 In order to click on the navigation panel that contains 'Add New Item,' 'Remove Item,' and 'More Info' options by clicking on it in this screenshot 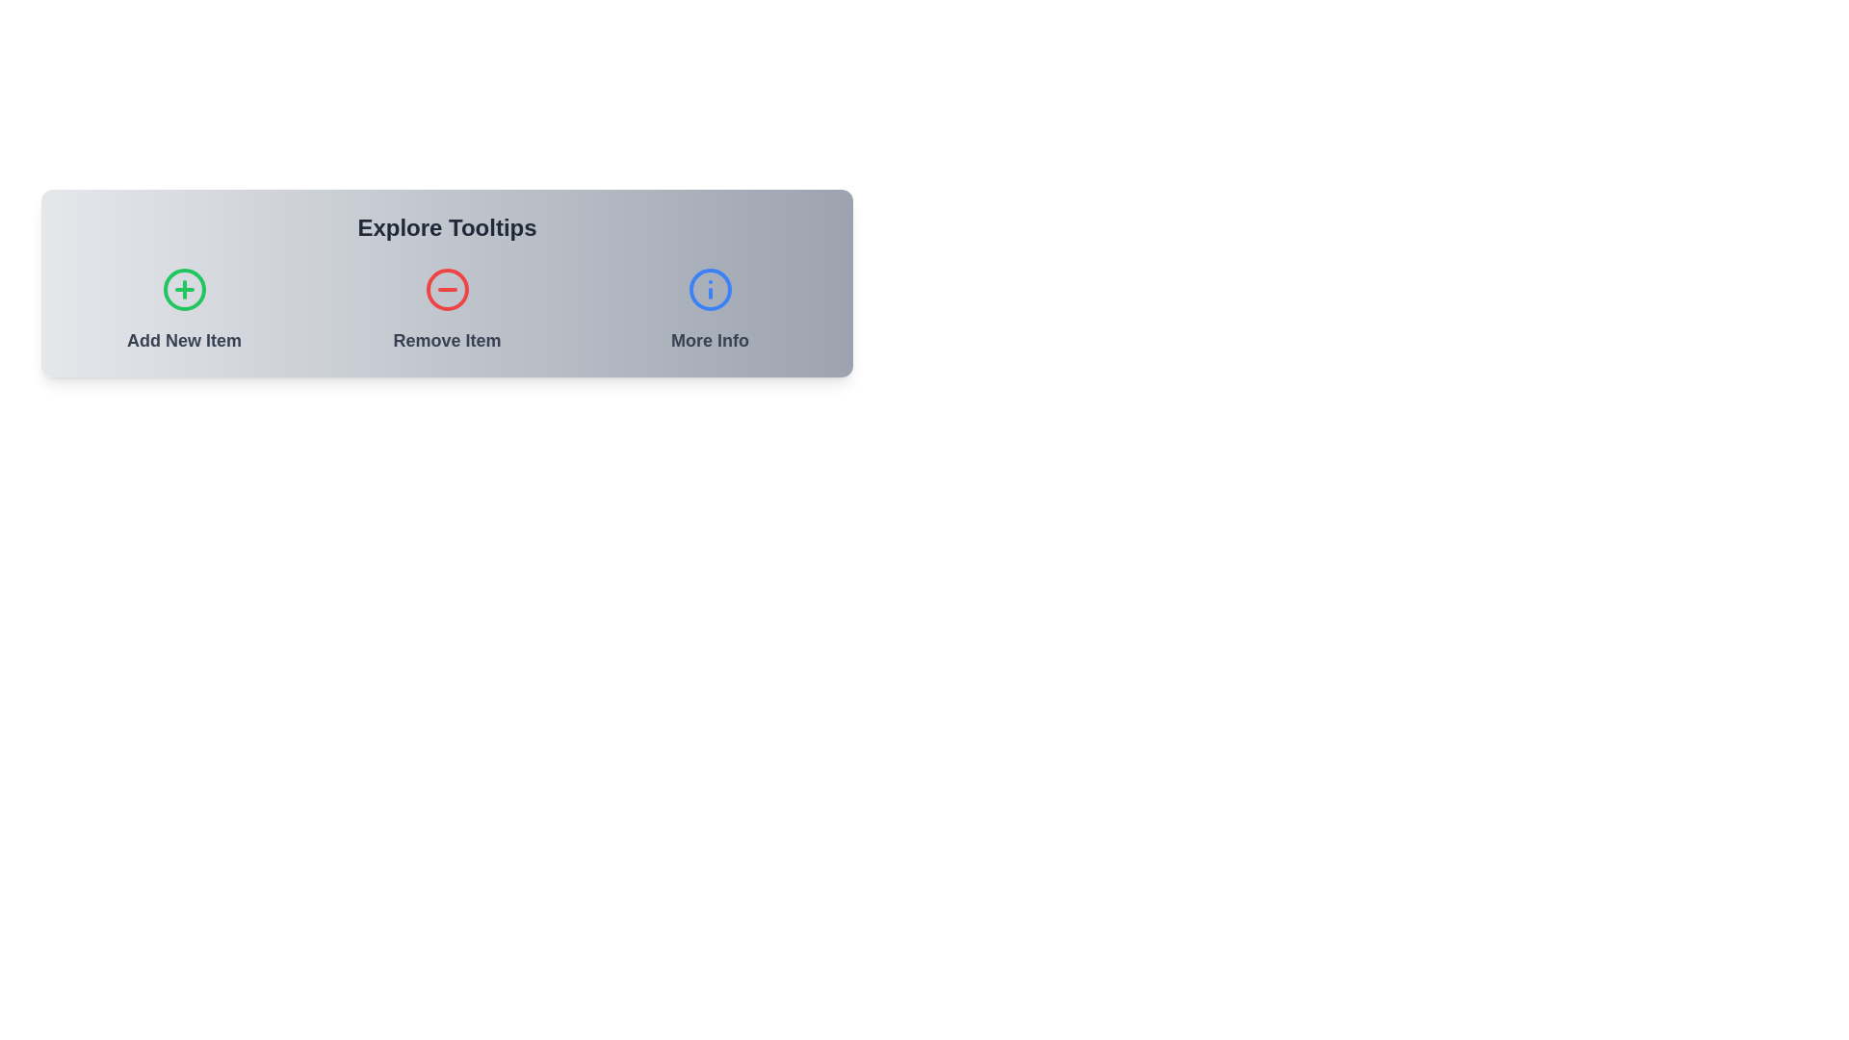, I will do `click(446, 283)`.